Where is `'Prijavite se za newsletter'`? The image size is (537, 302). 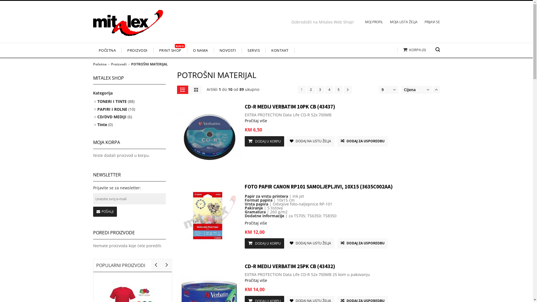
'Prijavite se za newsletter' is located at coordinates (129, 198).